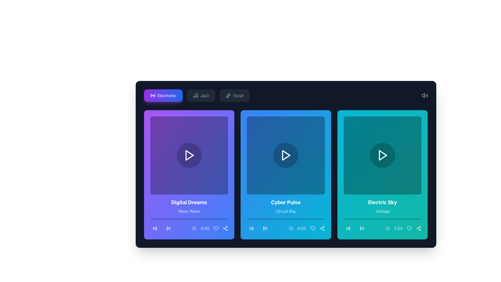  Describe the element at coordinates (409, 228) in the screenshot. I see `the heart-shaped icon button at the bottom right of the 'Electric Sky' card` at that location.